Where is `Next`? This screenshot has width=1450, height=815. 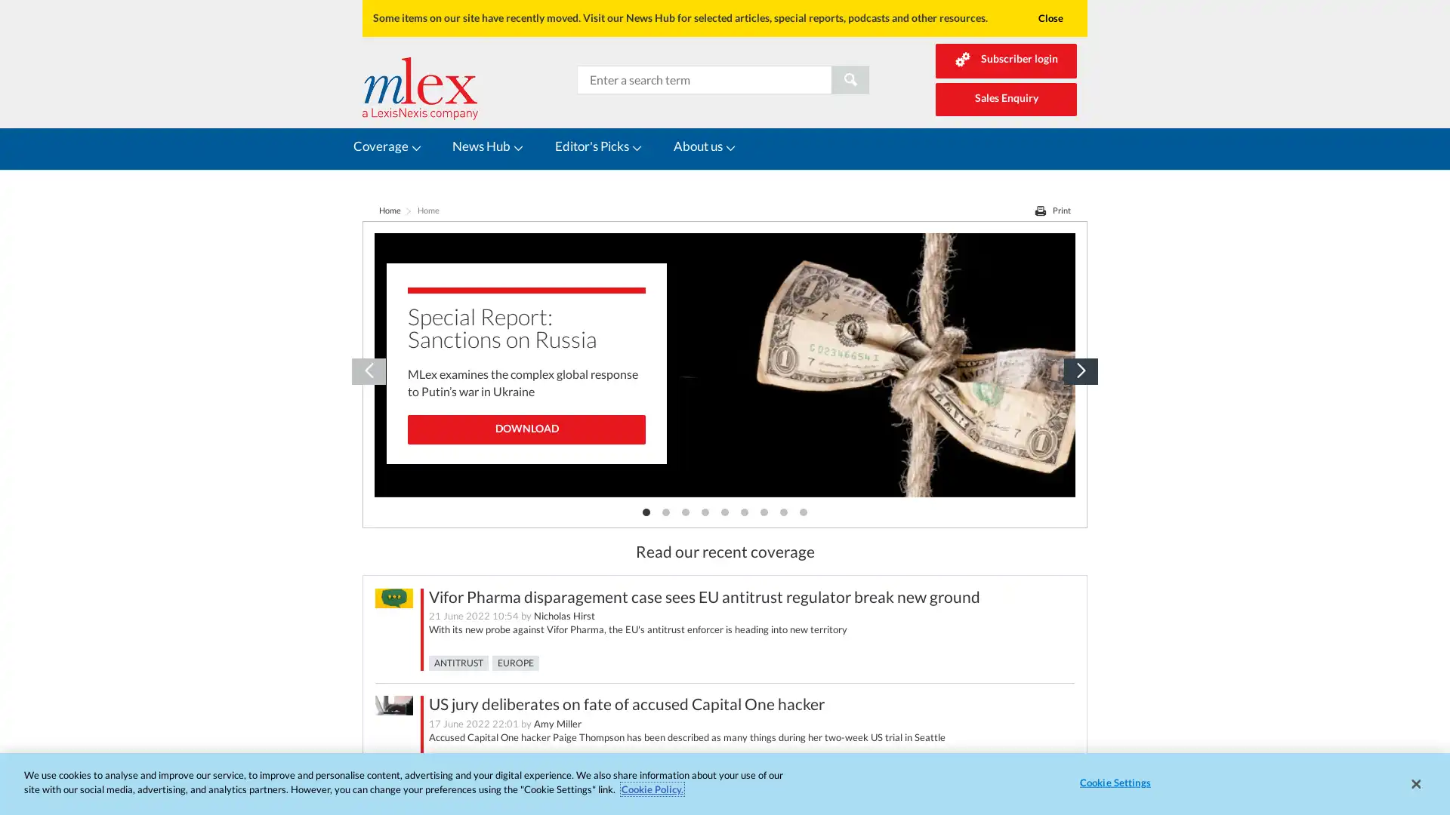
Next is located at coordinates (1080, 349).